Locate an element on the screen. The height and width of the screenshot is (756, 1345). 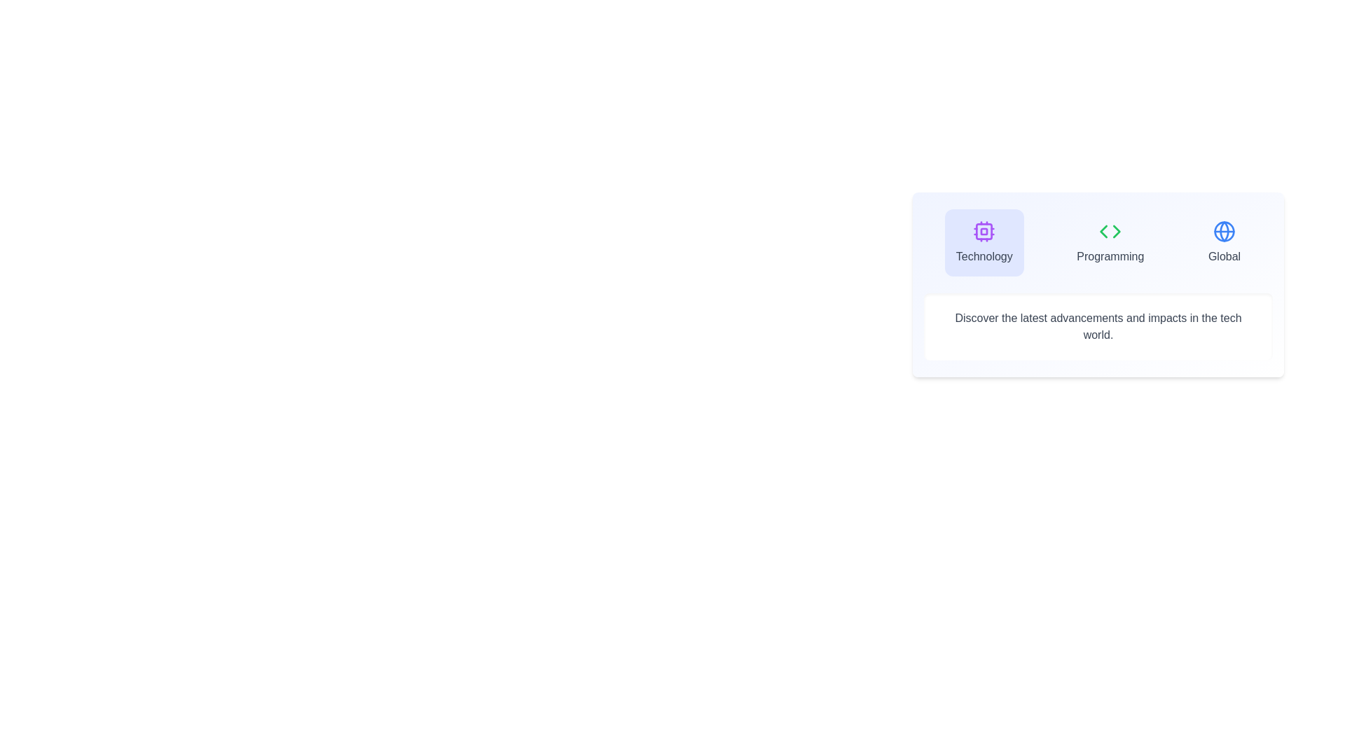
the tab with the icon representing Global is located at coordinates (1223, 242).